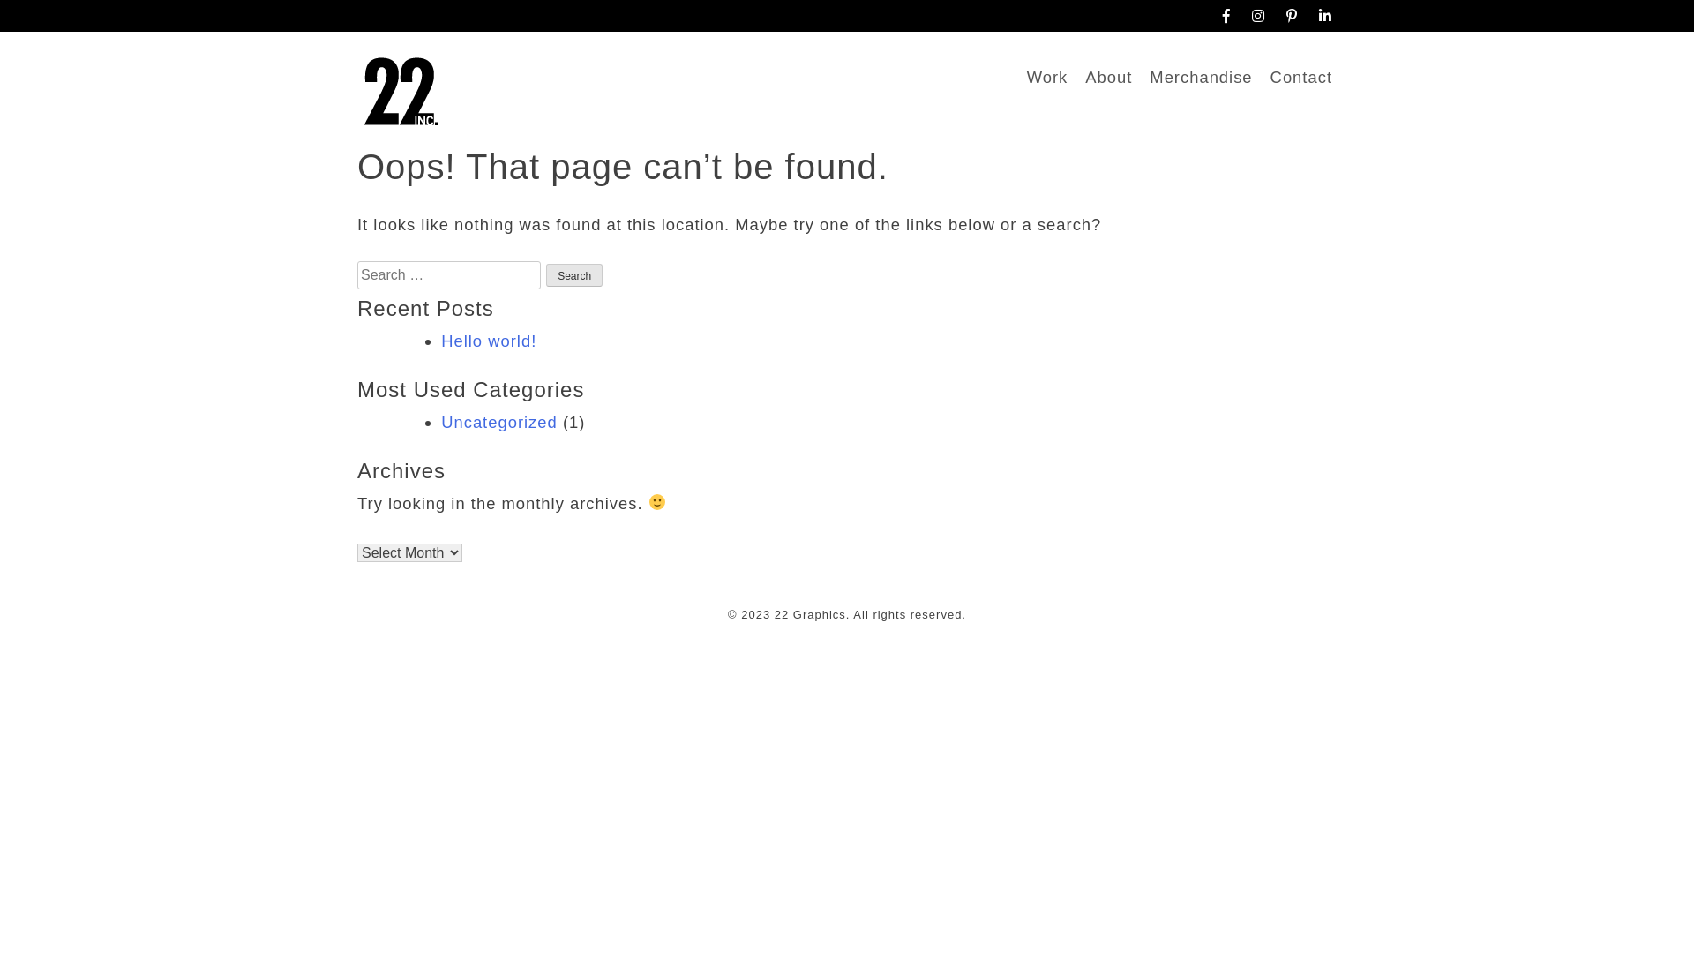  I want to click on 'Search', so click(545, 275).